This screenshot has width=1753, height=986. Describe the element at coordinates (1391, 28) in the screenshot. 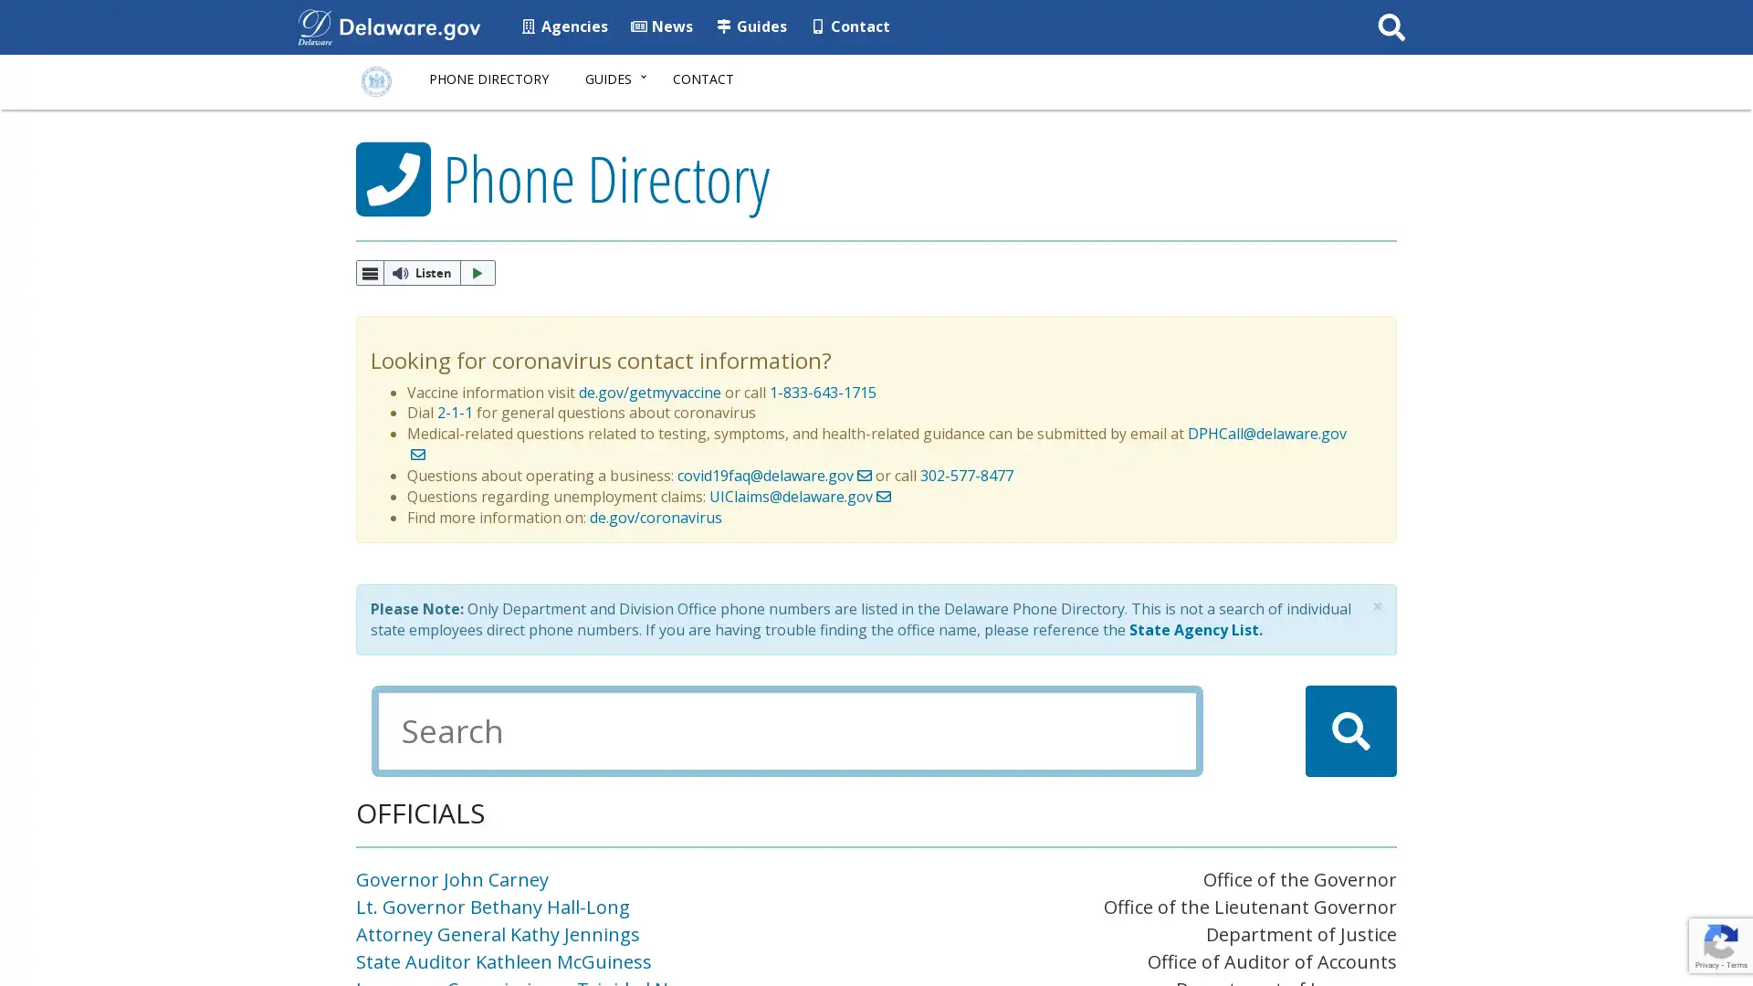

I see `Submit` at that location.